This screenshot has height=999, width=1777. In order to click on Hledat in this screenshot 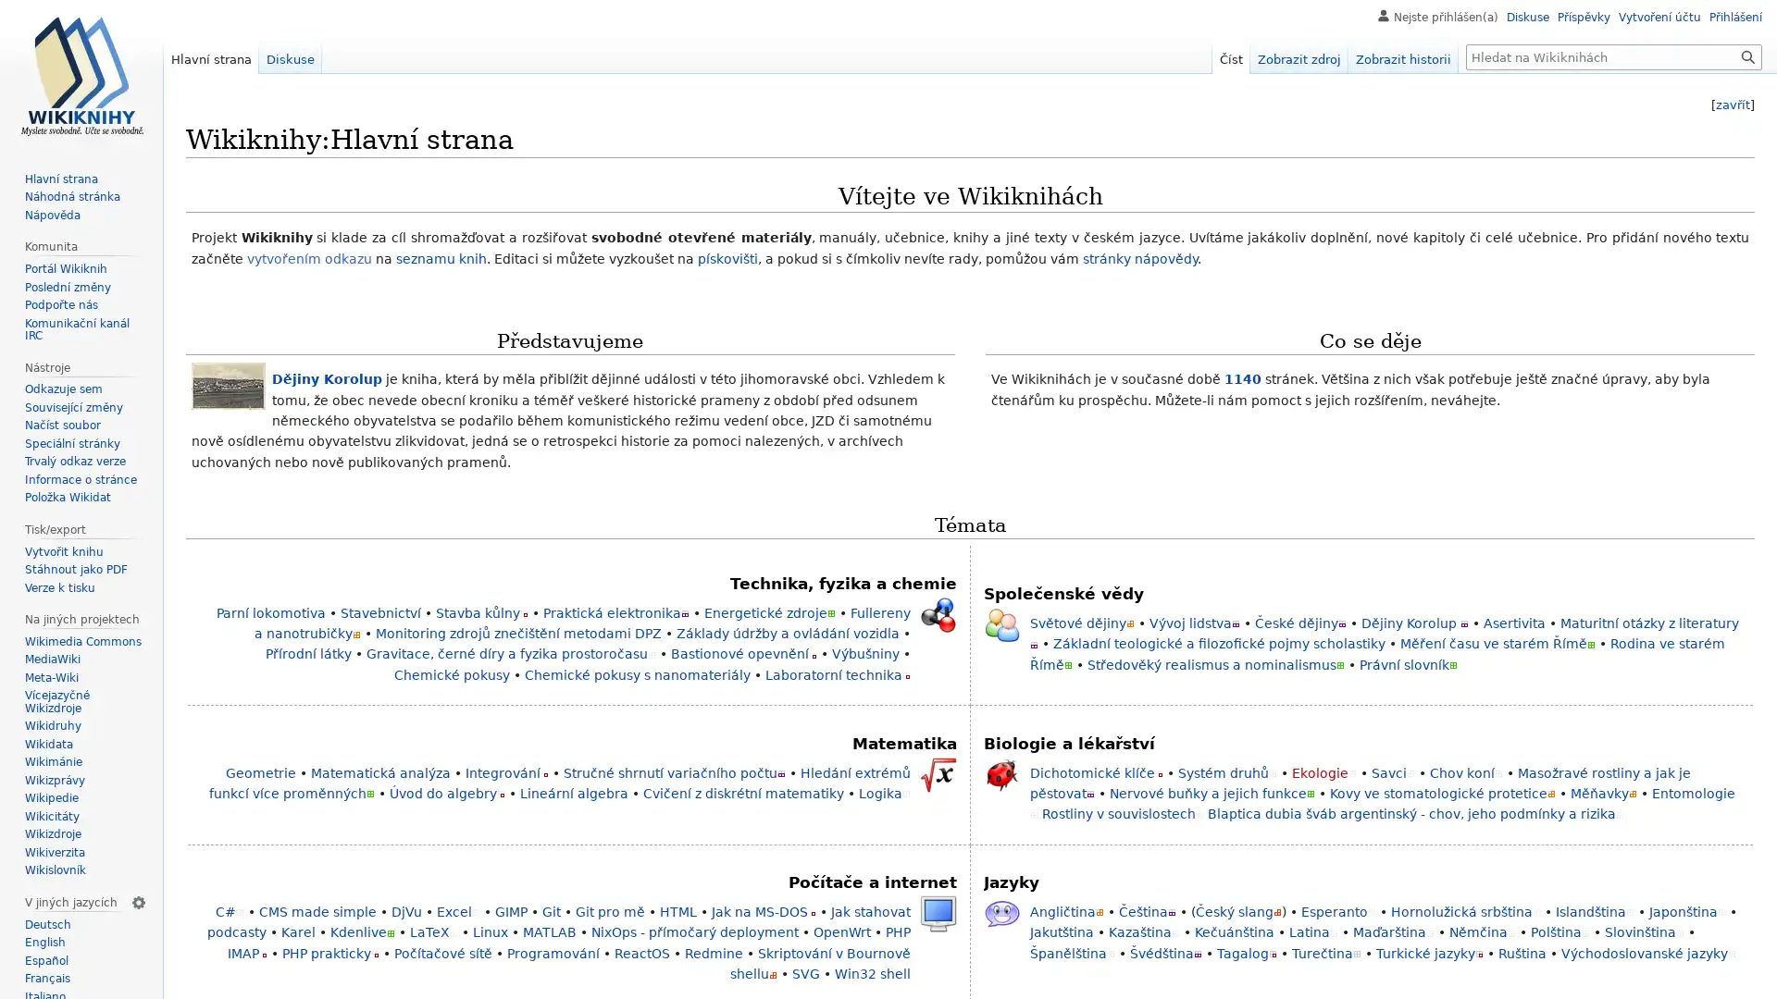, I will do `click(1747, 55)`.